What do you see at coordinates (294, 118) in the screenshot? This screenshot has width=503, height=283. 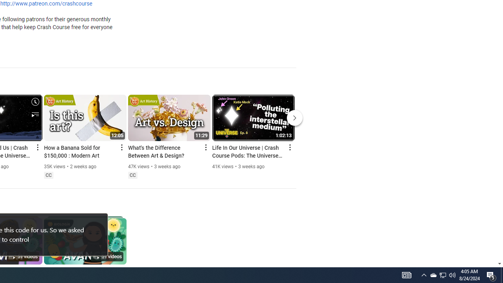 I see `'Next'` at bounding box center [294, 118].